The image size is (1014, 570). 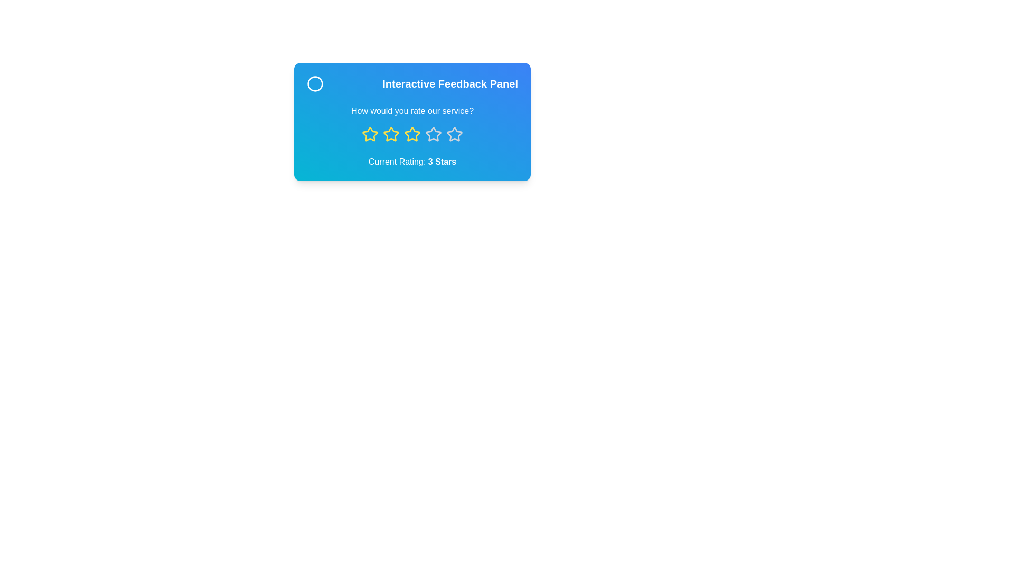 What do you see at coordinates (314, 83) in the screenshot?
I see `the SVG Circle element with a filled blue background and white border, located next to the title 'Interactive Feedback Panel'` at bounding box center [314, 83].